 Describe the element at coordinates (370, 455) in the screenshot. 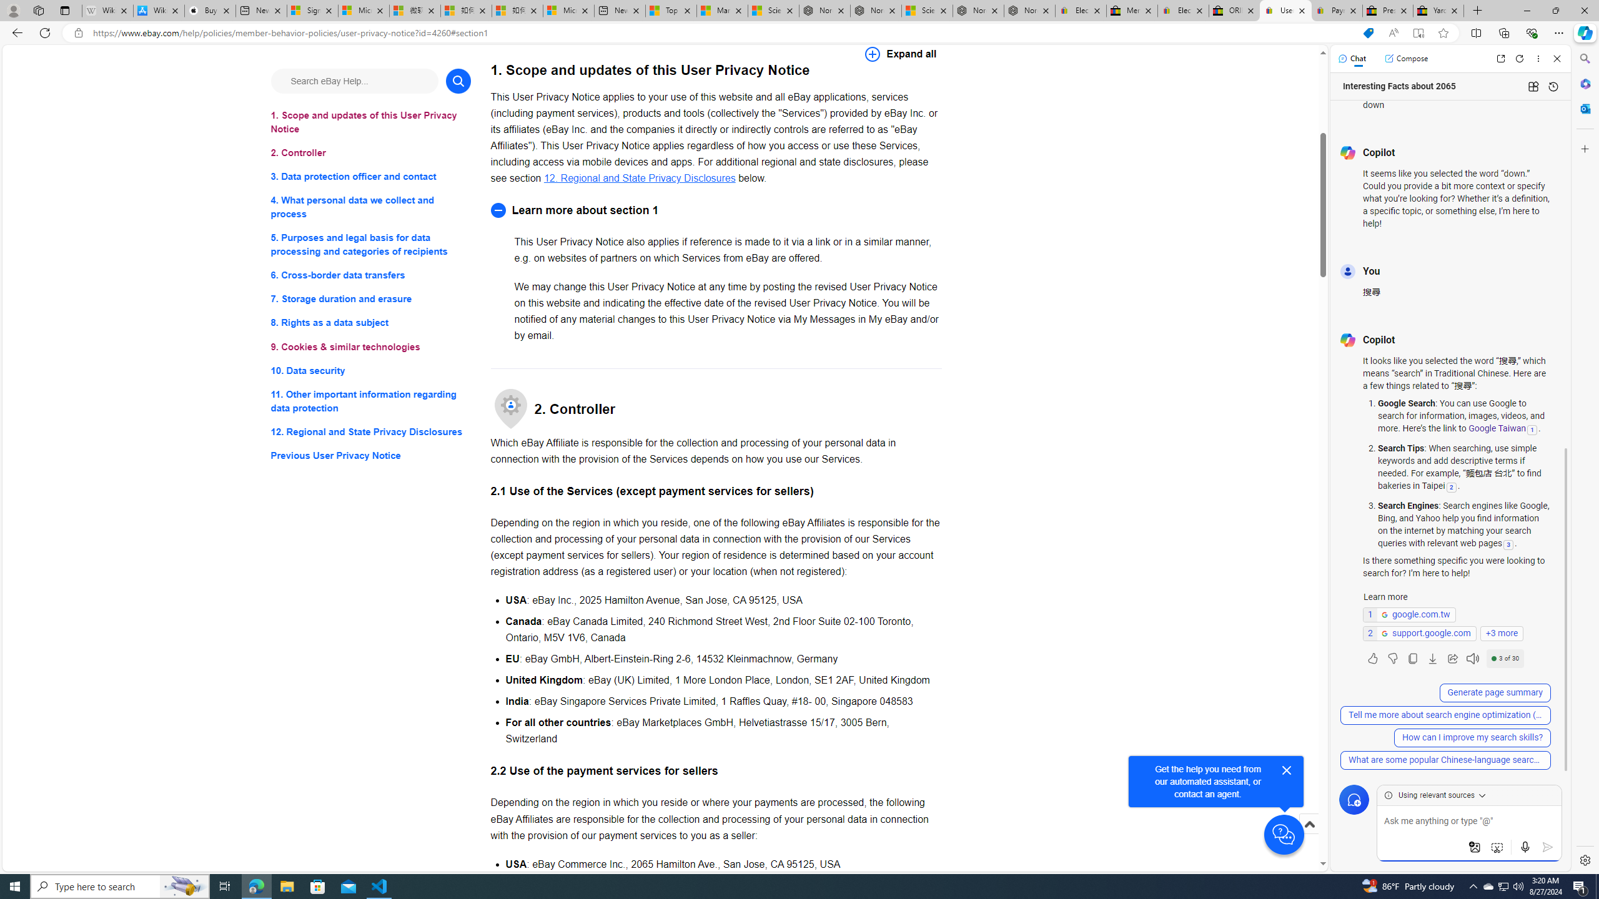

I see `'Previous User Privacy Notice'` at that location.